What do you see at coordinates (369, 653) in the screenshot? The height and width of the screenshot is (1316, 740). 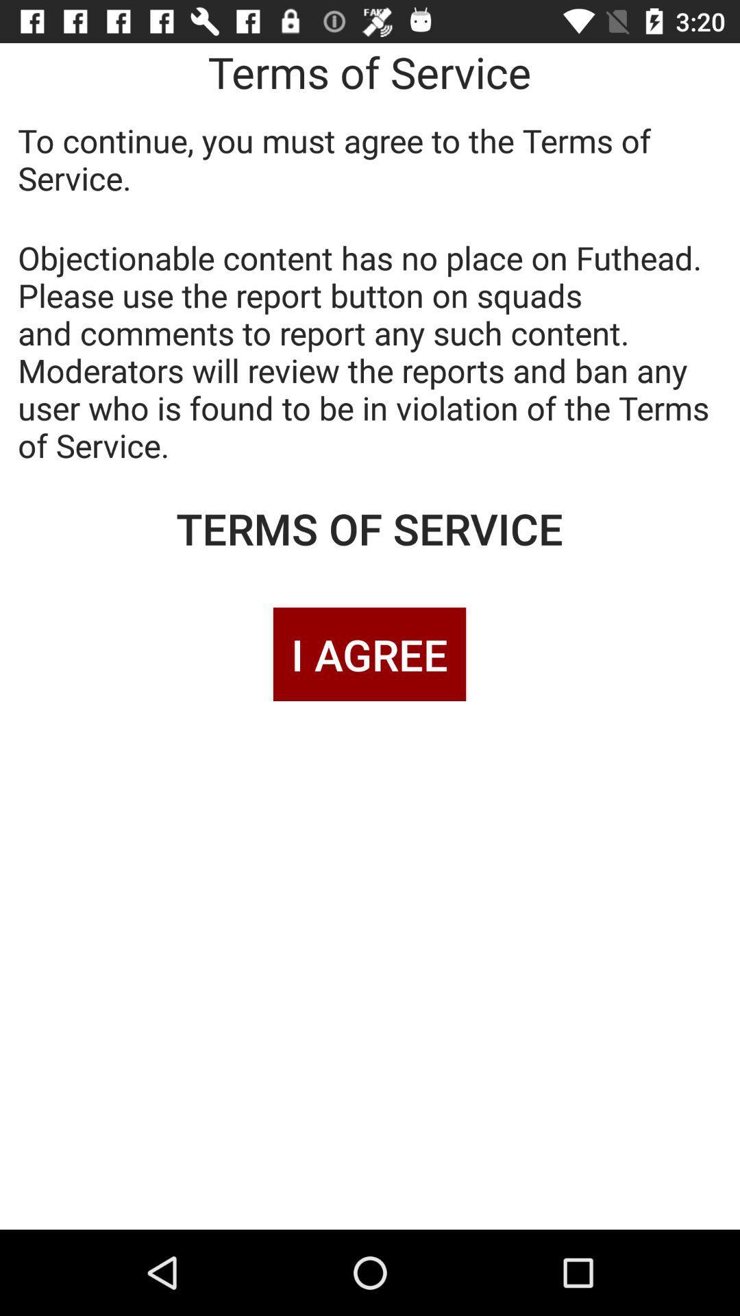 I see `i agree` at bounding box center [369, 653].